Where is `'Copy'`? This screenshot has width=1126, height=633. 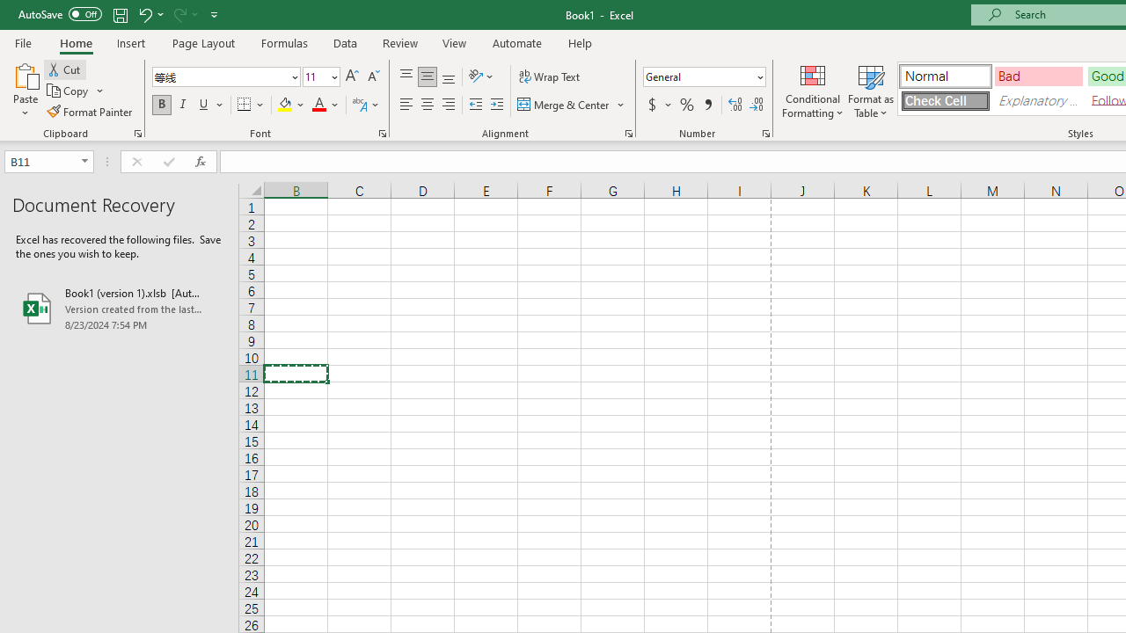 'Copy' is located at coordinates (75, 91).